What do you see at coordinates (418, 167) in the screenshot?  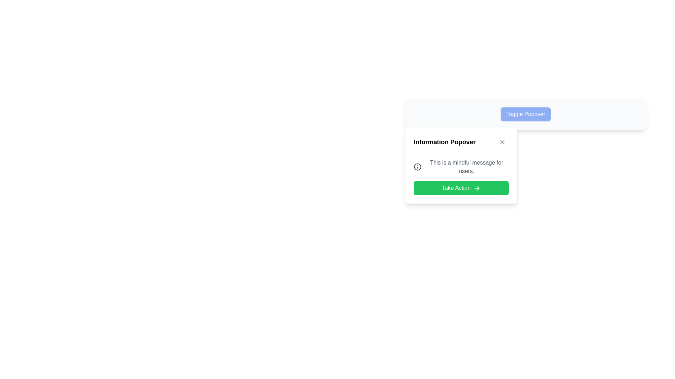 I see `circular vector graphic element that serves as a visual indicator within the 'Information Popover' modal by opening the browser's developer tools` at bounding box center [418, 167].